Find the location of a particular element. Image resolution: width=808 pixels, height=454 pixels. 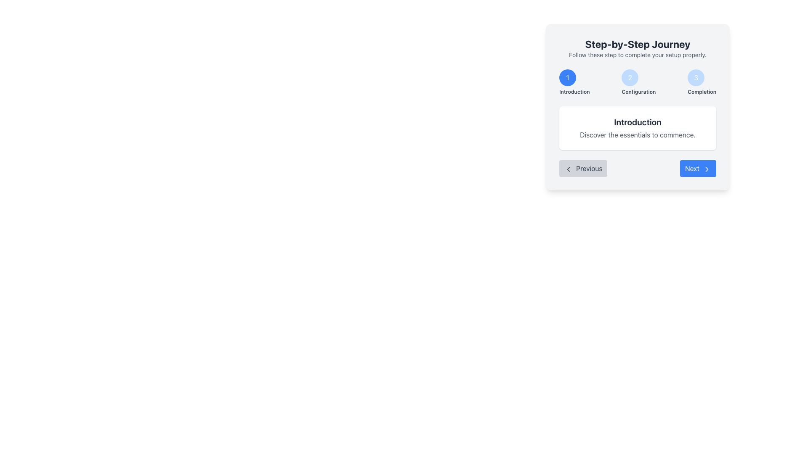

the label indicating the first step in a multi-step process, which is located below the blue circular marker labeled '1' is located at coordinates (574, 92).